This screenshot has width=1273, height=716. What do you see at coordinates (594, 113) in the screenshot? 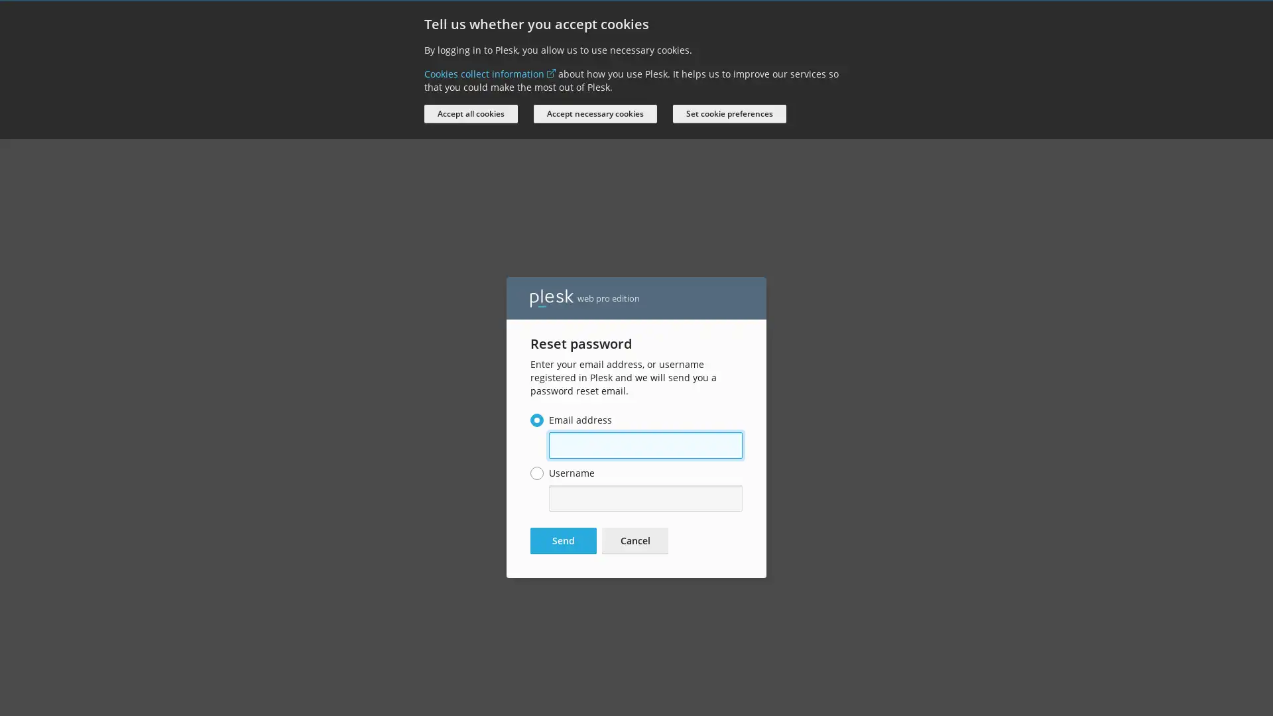
I see `Accept necessary cookies` at bounding box center [594, 113].